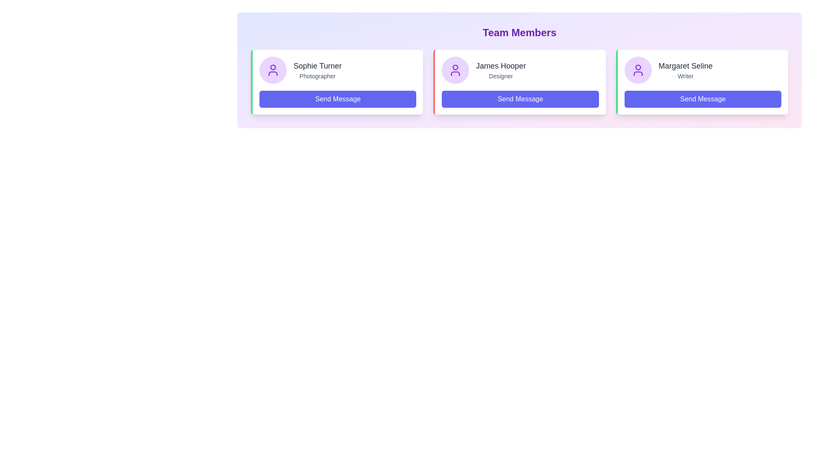 This screenshot has height=460, width=818. I want to click on the text label reading 'Photographer', which is styled with a smaller gray font and located beneath 'Sophie Turner' in a card-like component, so click(317, 75).